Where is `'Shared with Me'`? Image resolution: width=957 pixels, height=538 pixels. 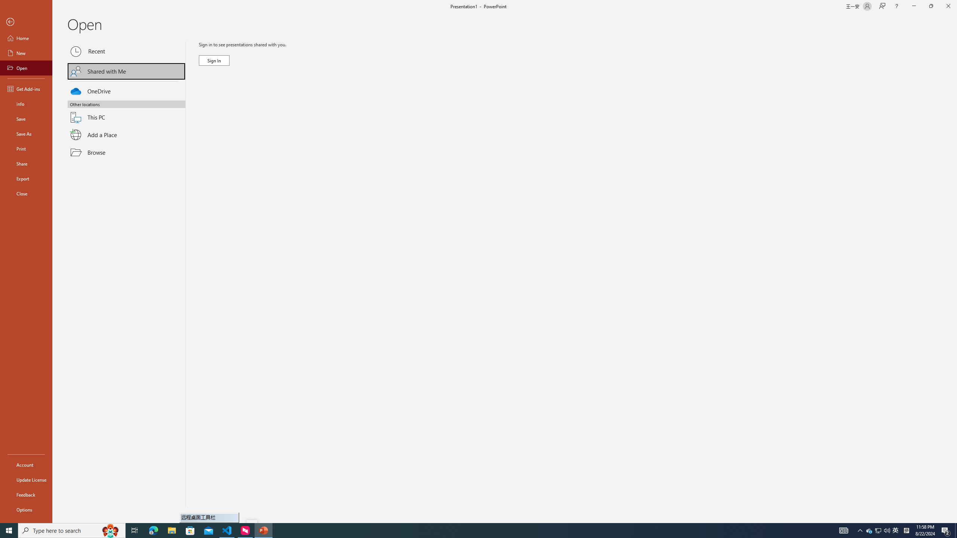
'Shared with Me' is located at coordinates (126, 71).